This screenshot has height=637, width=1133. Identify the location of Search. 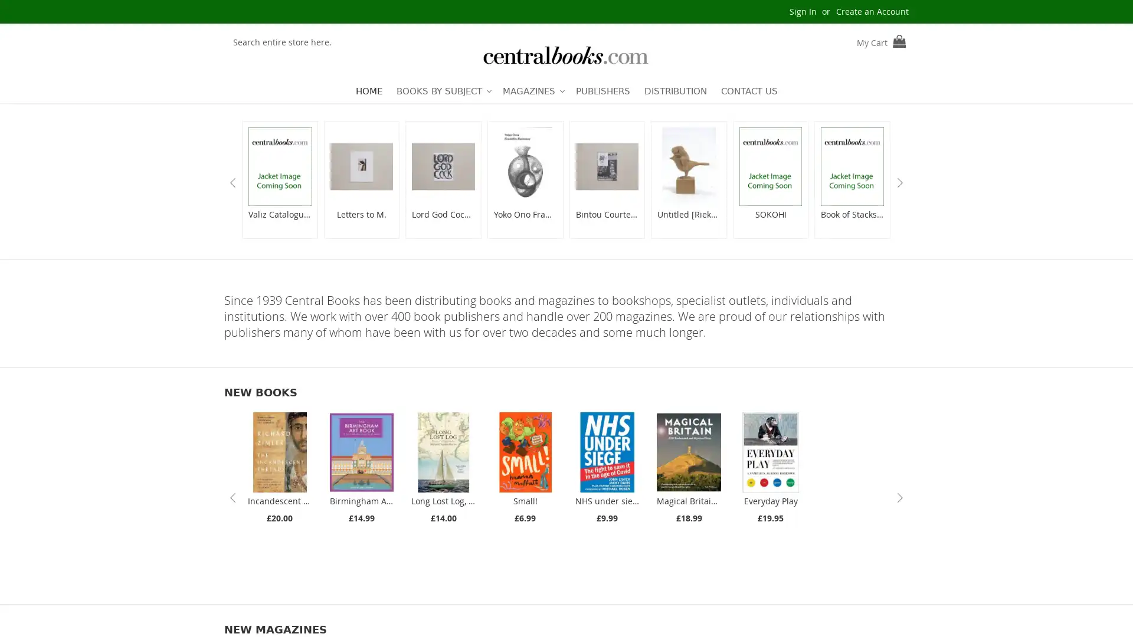
(364, 40).